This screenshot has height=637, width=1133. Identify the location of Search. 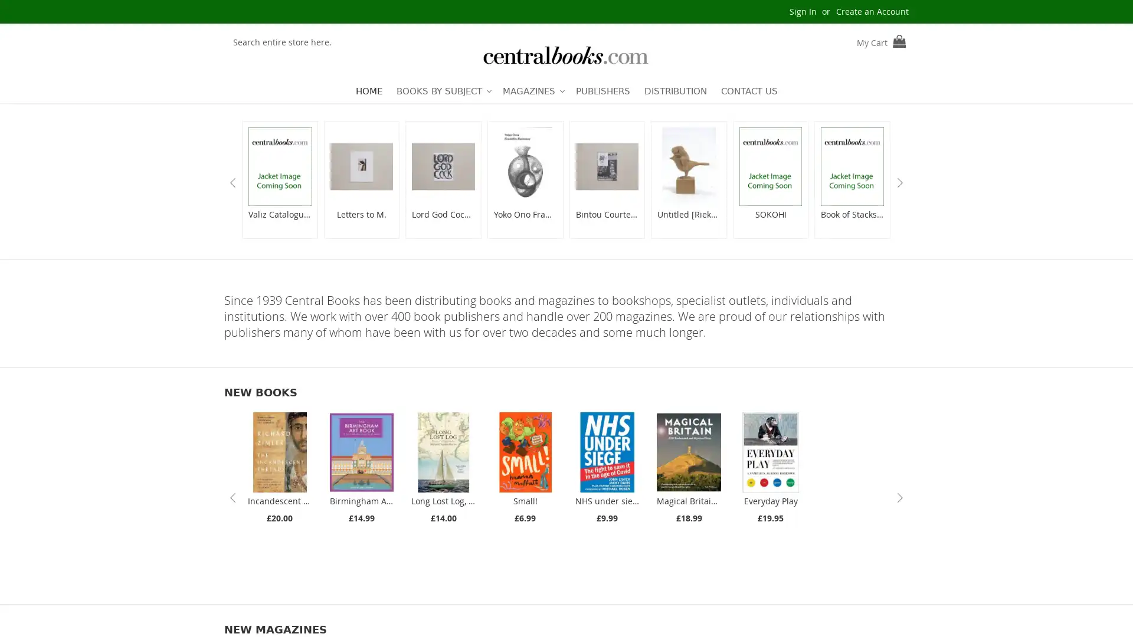
(364, 40).